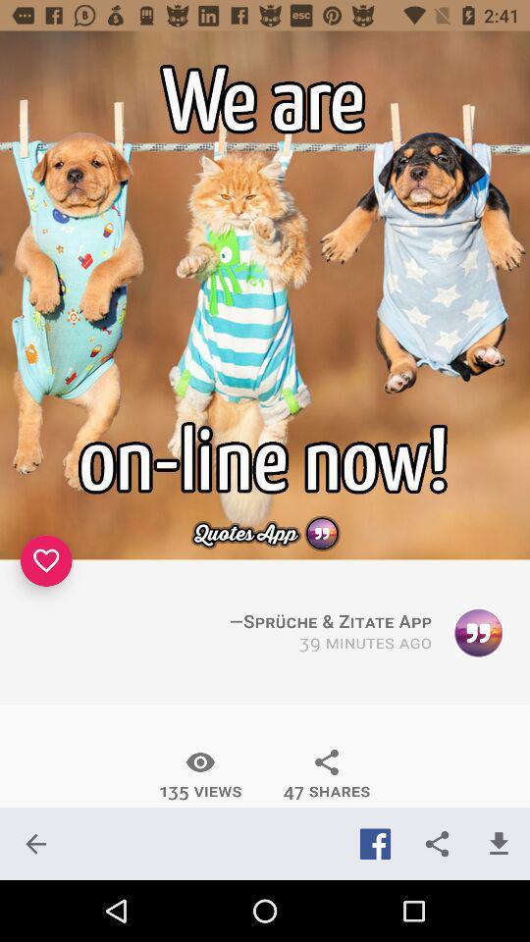  Describe the element at coordinates (327, 774) in the screenshot. I see `item next to the 135 views item` at that location.